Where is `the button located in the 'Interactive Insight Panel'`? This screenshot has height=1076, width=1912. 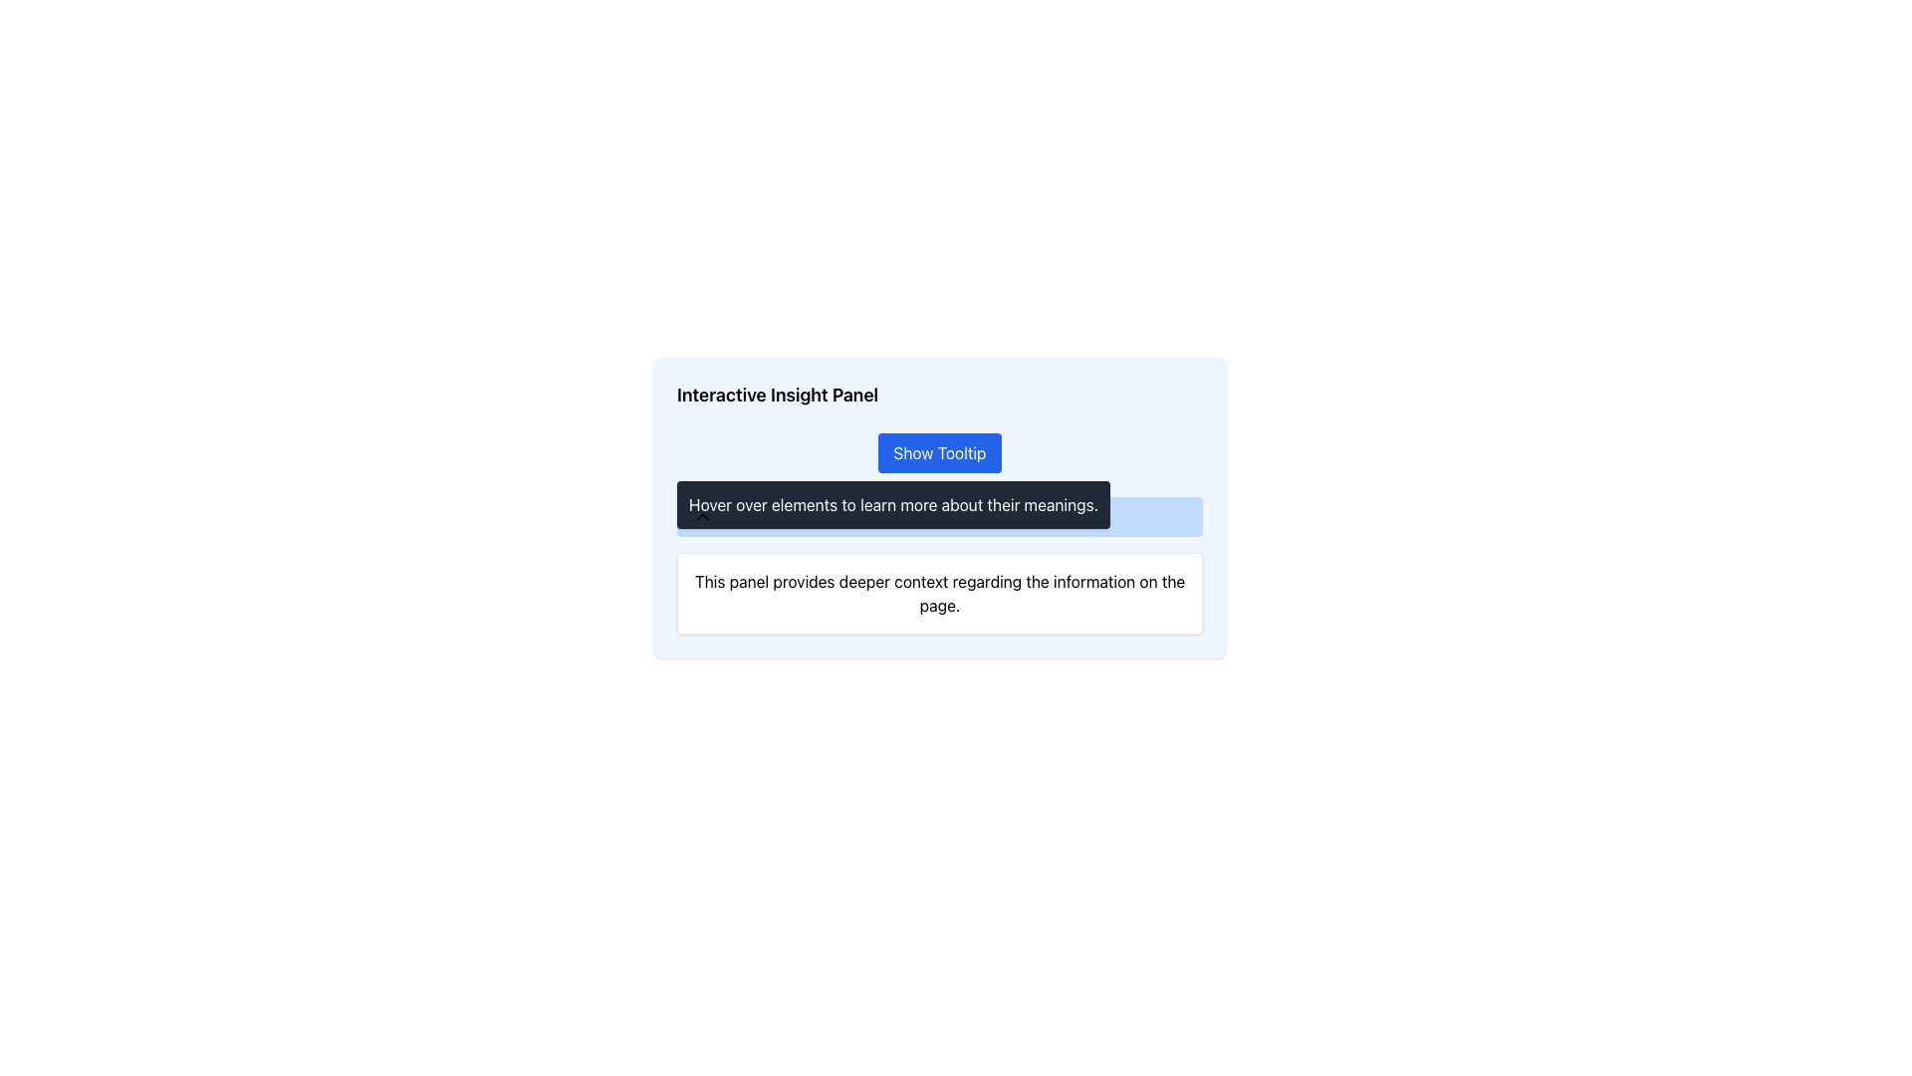 the button located in the 'Interactive Insight Panel' is located at coordinates (939, 453).